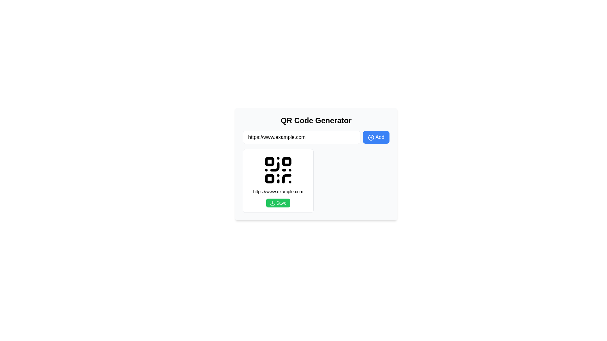 The height and width of the screenshot is (341, 607). What do you see at coordinates (278, 170) in the screenshot?
I see `the QR code icon which is styled with a white background and black geometric shapes, located between the title 'QR Code Generator' and the URL 'https://www.example.com'` at bounding box center [278, 170].